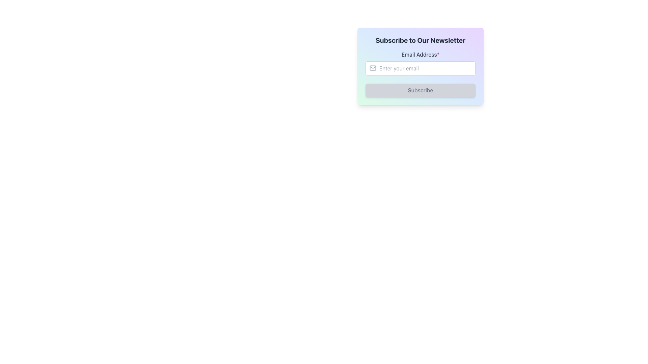  Describe the element at coordinates (420, 90) in the screenshot. I see `the 'Subscribe' button, which is a rectangular button with rounded corners, styled in a grayish background and featuring the word 'Subscribe' in a medium-sized gray font, indicating a disabled state` at that location.